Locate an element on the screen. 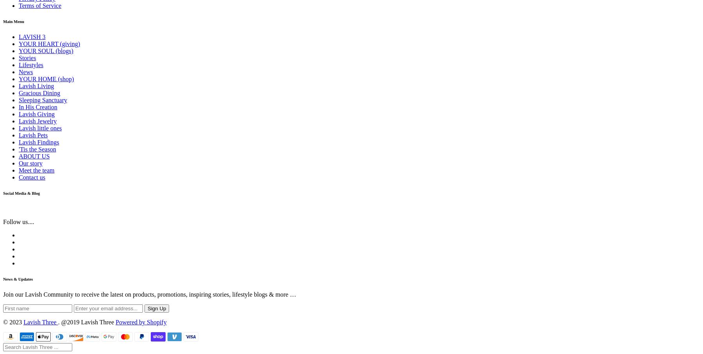 Image resolution: width=703 pixels, height=354 pixels. 'Lavish little ones' is located at coordinates (39, 128).